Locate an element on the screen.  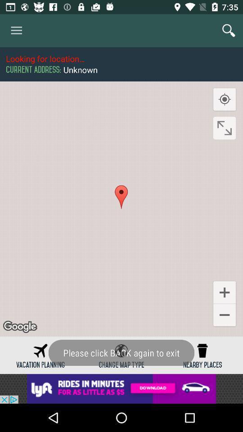
advertisement banner is located at coordinates (121, 388).